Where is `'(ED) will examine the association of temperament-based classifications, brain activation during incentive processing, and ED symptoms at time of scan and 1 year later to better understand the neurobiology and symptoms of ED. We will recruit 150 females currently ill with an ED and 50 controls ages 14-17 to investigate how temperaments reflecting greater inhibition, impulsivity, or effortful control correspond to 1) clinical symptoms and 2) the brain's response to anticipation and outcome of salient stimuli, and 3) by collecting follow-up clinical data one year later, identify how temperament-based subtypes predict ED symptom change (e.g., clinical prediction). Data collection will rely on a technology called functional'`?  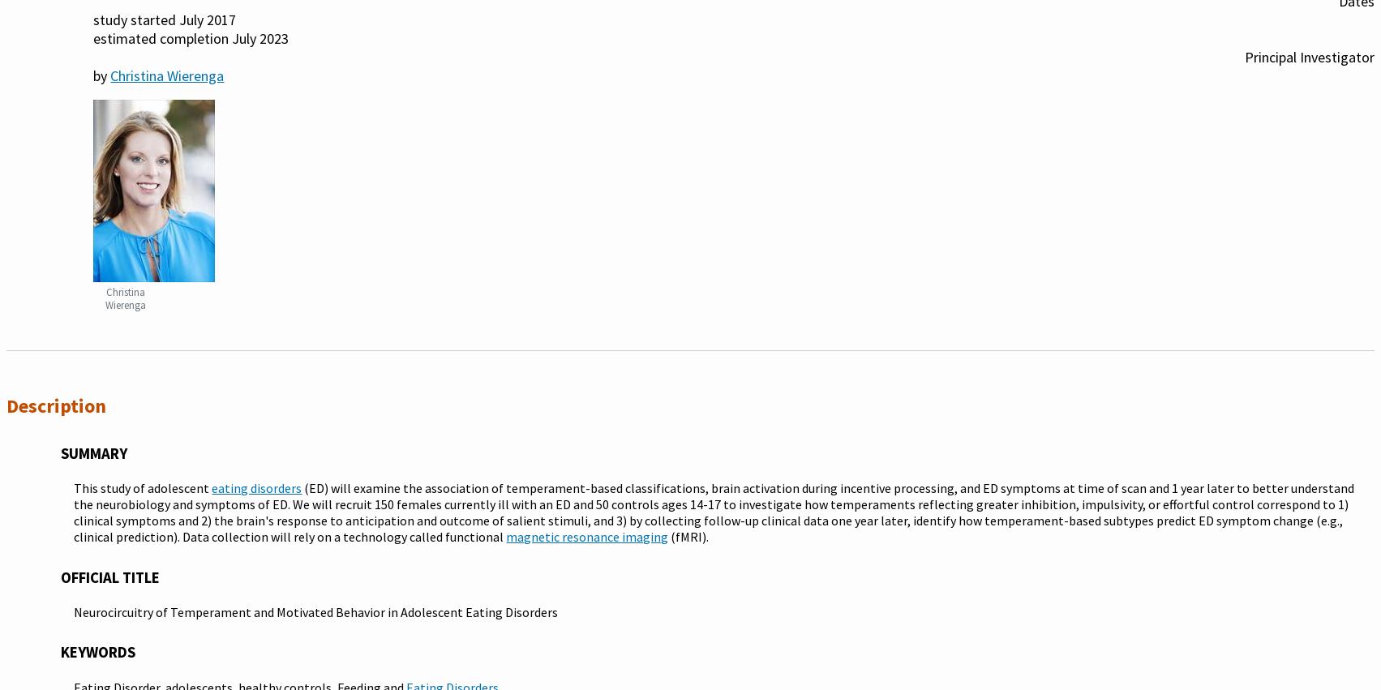
'(ED) will examine the association of temperament-based classifications, brain activation during incentive processing, and ED symptoms at time of scan and 1 year later to better understand the neurobiology and symptoms of ED. We will recruit 150 females currently ill with an ED and 50 controls ages 14-17 to investigate how temperaments reflecting greater inhibition, impulsivity, or effortful control correspond to 1) clinical symptoms and 2) the brain's response to anticipation and outcome of salient stimuli, and 3) by collecting follow-up clinical data one year later, identify how temperament-based subtypes predict ED symptom change (e.g., clinical prediction). Data collection will rely on a technology called functional' is located at coordinates (713, 512).